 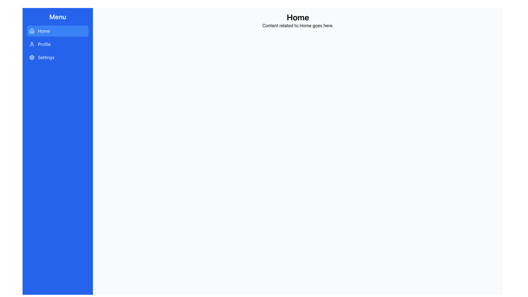 What do you see at coordinates (31, 57) in the screenshot?
I see `the cogwheel icon indicating the 'Settings' option in the sidebar menu` at bounding box center [31, 57].